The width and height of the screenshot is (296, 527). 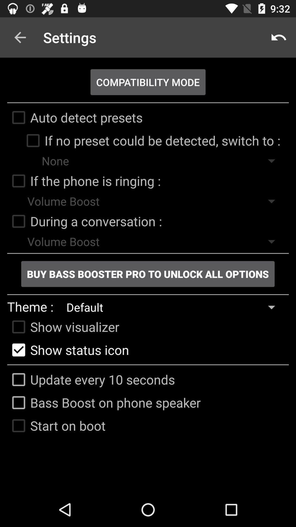 I want to click on bass boost on item, so click(x=104, y=403).